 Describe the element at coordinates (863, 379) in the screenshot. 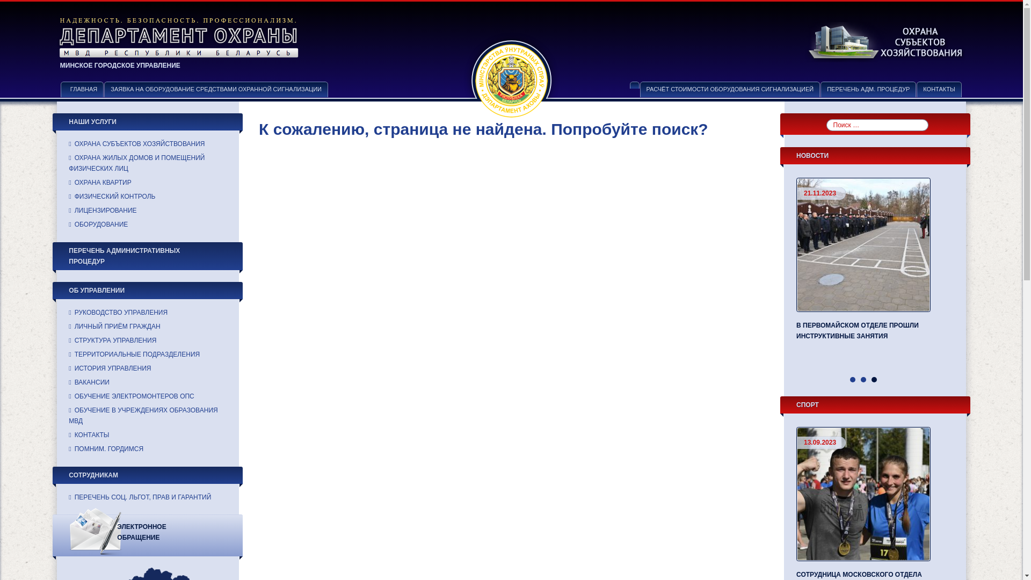

I see `'2'` at that location.